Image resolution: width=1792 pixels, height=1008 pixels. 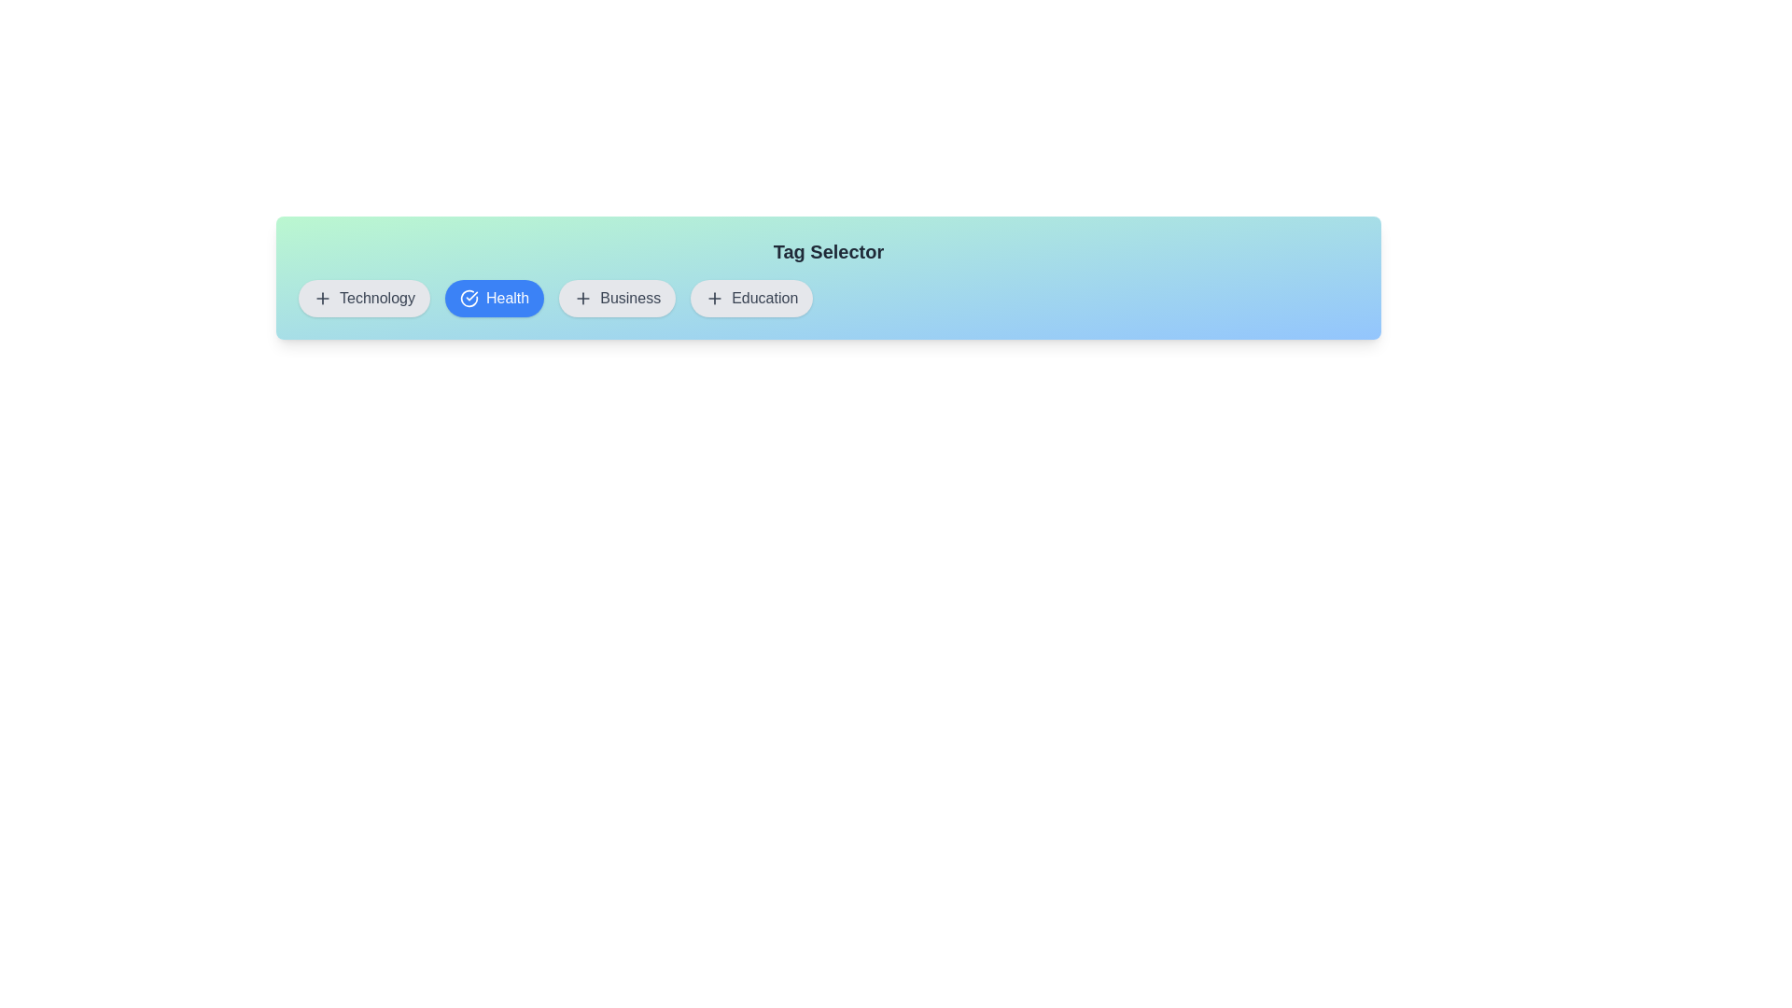 I want to click on the button labeled Business, so click(x=617, y=298).